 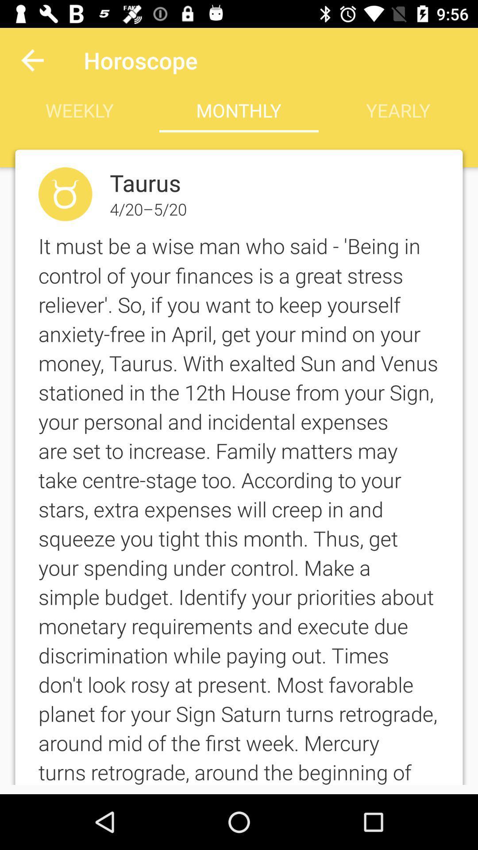 What do you see at coordinates (32, 60) in the screenshot?
I see `the icon next to the horoscope item` at bounding box center [32, 60].